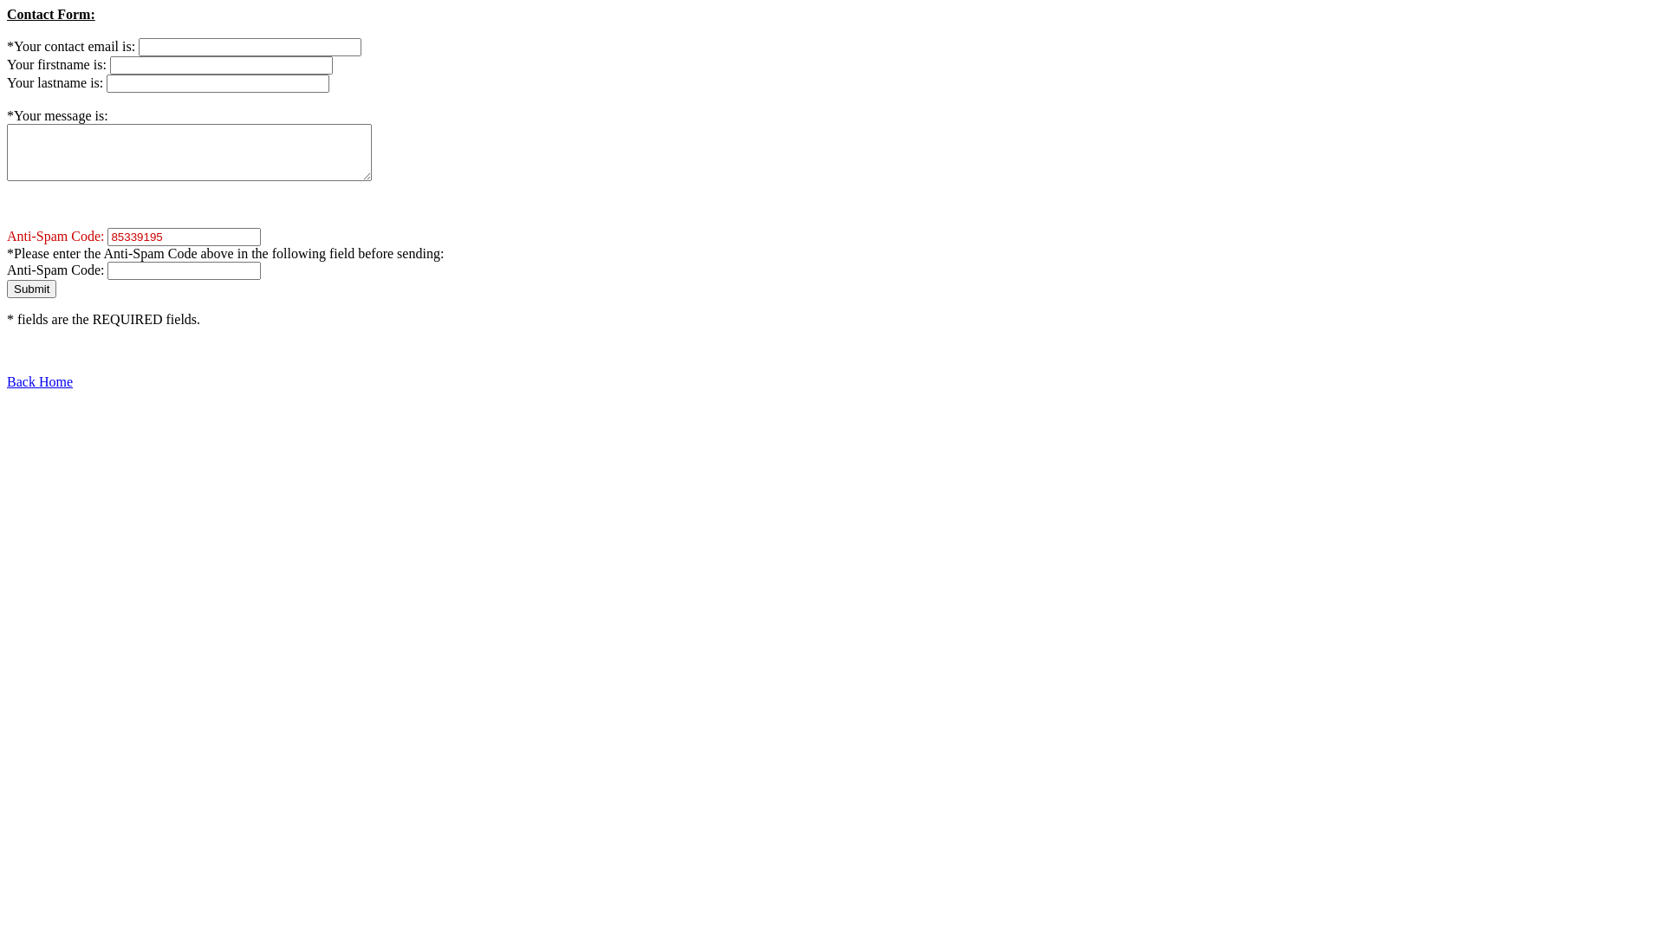 The width and height of the screenshot is (1664, 936). What do you see at coordinates (7, 380) in the screenshot?
I see `'Back Home'` at bounding box center [7, 380].